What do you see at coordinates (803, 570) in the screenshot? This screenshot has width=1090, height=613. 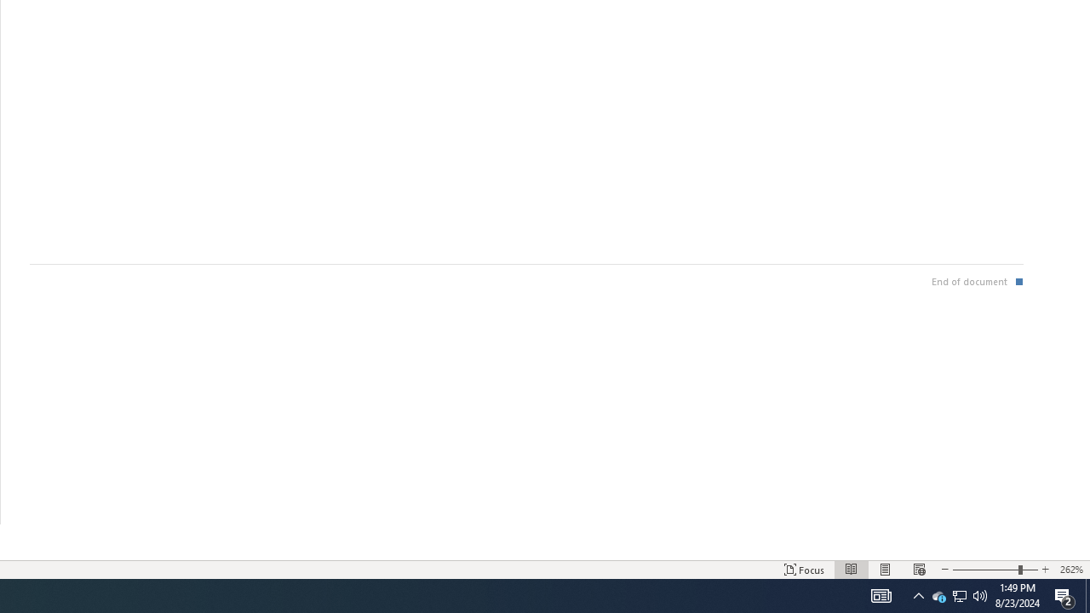 I see `'Focus '` at bounding box center [803, 570].